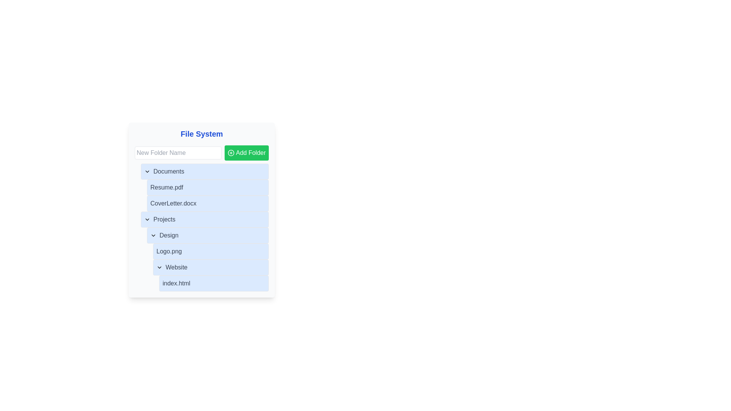  I want to click on the 'Projects' folder in the file system panel, so click(204, 220).